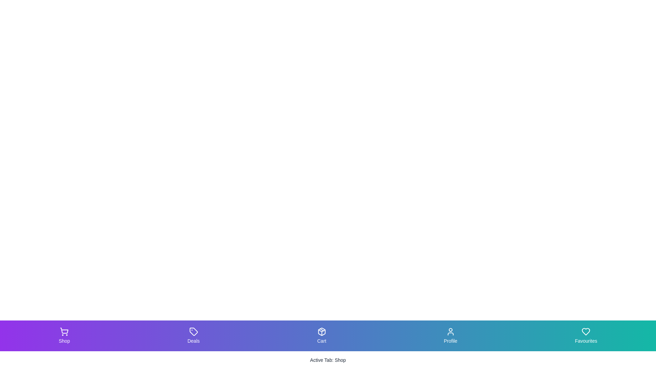 This screenshot has width=656, height=369. I want to click on the Cart tab in the bottom navigation bar to navigate to its respective section, so click(321, 336).